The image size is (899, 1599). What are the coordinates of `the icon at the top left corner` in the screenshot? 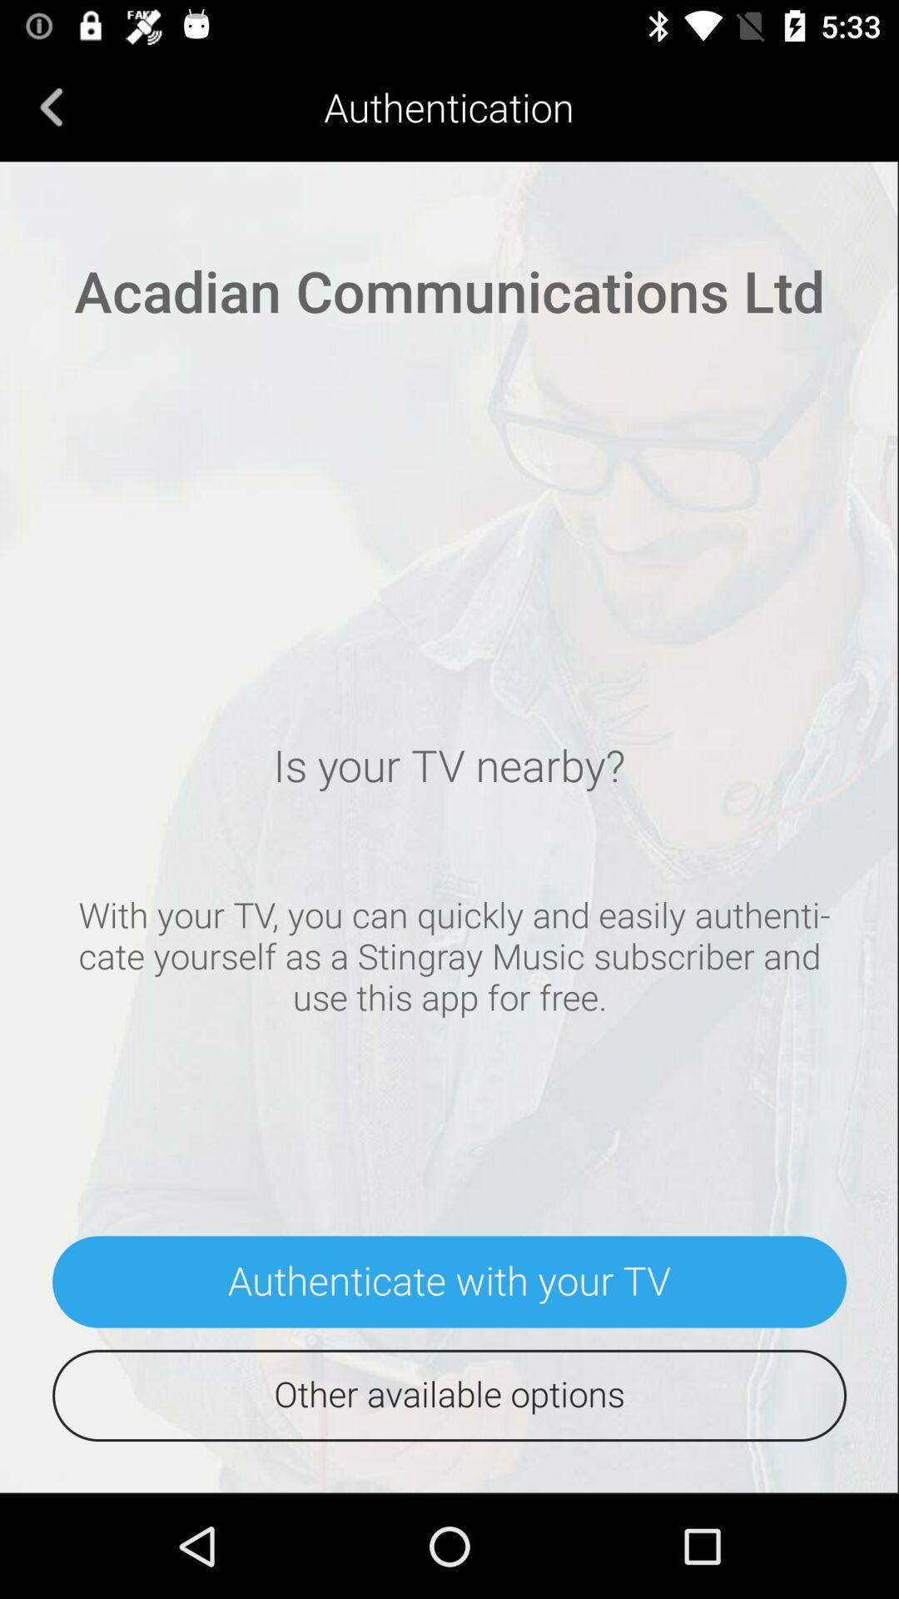 It's located at (51, 106).